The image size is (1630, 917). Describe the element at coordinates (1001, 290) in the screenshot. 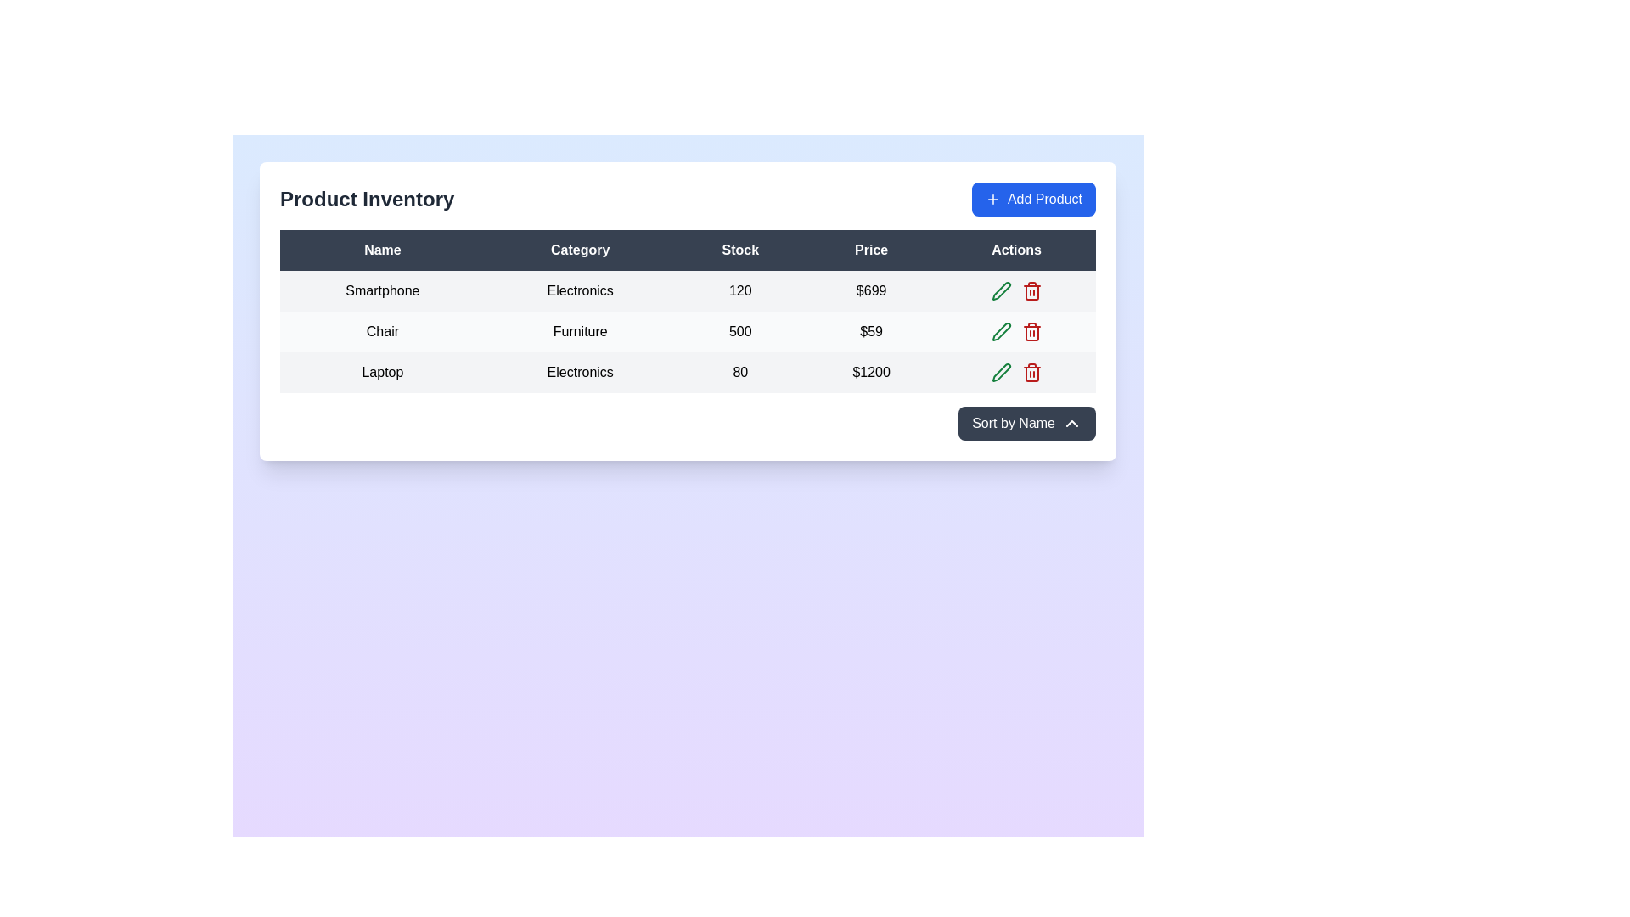

I see `the edit button (pencil icon) for the 'Smartphone' item in the inventory to enter edit mode` at that location.